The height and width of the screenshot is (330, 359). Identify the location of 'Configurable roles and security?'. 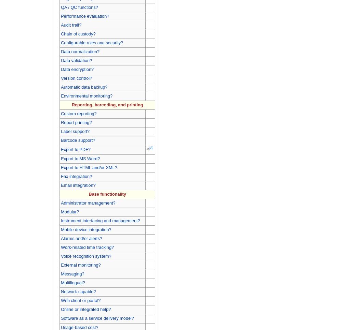
(92, 42).